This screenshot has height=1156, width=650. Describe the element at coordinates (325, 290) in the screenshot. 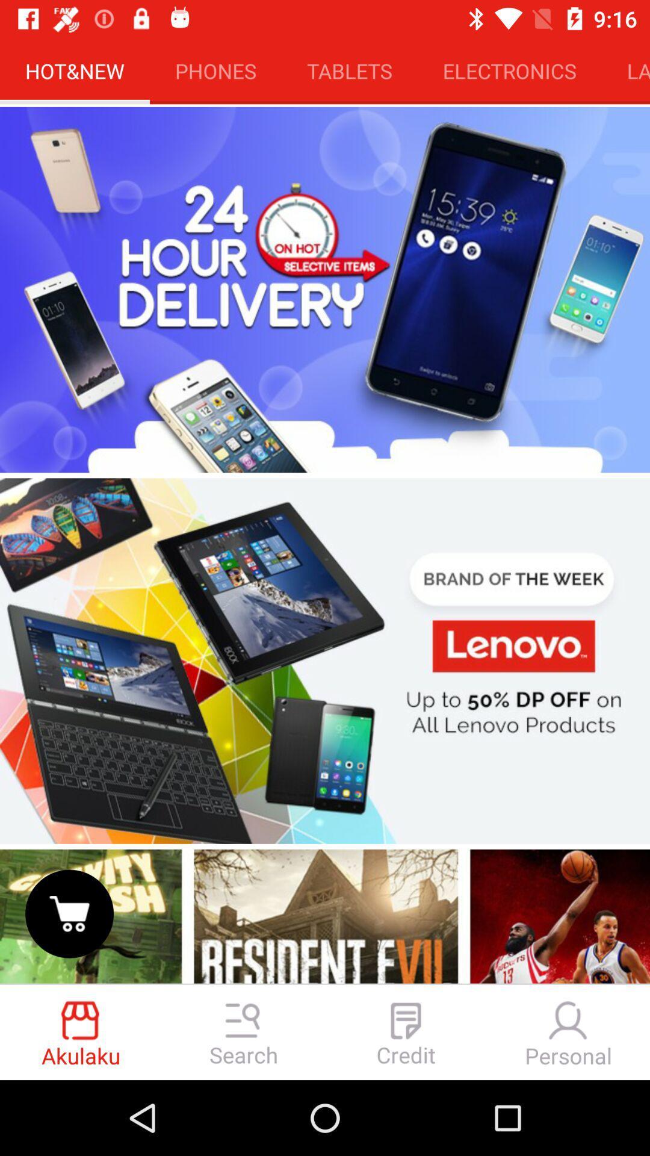

I see `24 hour delivery` at that location.